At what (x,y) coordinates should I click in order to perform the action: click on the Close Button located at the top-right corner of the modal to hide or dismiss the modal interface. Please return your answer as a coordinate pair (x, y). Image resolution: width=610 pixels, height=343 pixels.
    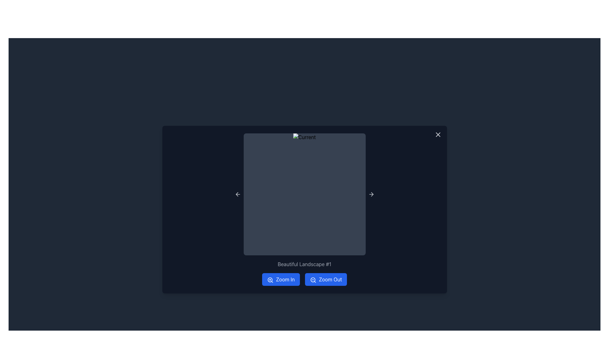
    Looking at the image, I should click on (437, 134).